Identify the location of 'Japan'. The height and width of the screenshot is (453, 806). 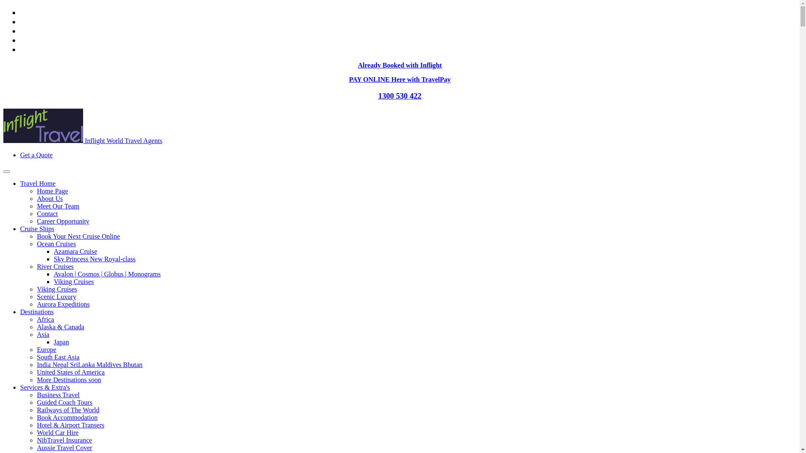
(60, 342).